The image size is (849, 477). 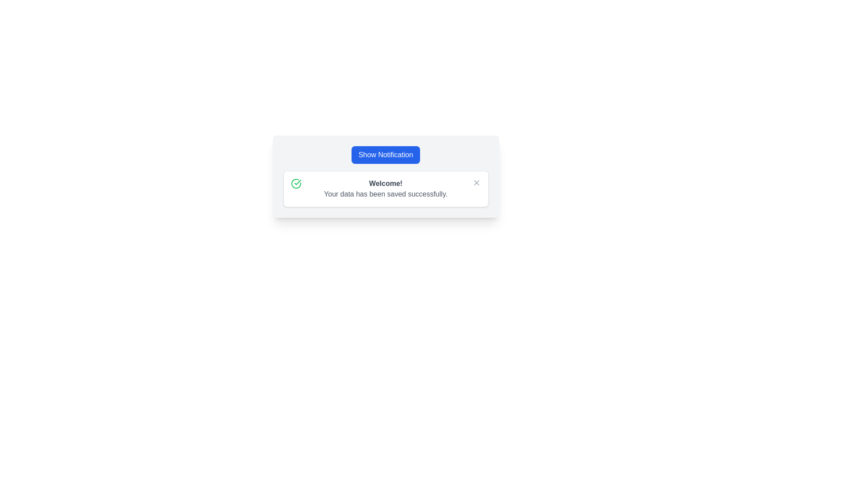 What do you see at coordinates (386, 183) in the screenshot?
I see `the bold-styled static text reading 'Welcome!' which is prominently displayed in the notification card` at bounding box center [386, 183].